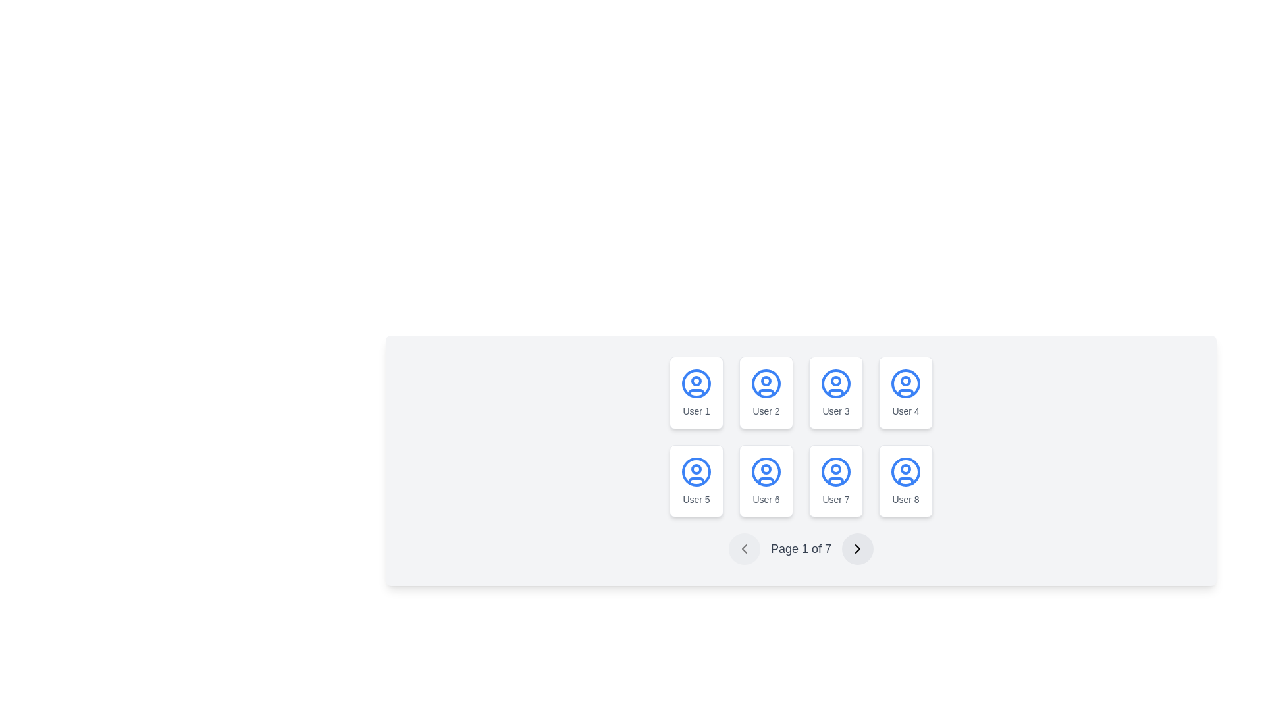 The image size is (1264, 711). What do you see at coordinates (801, 436) in the screenshot?
I see `a user card in the grid layout` at bounding box center [801, 436].